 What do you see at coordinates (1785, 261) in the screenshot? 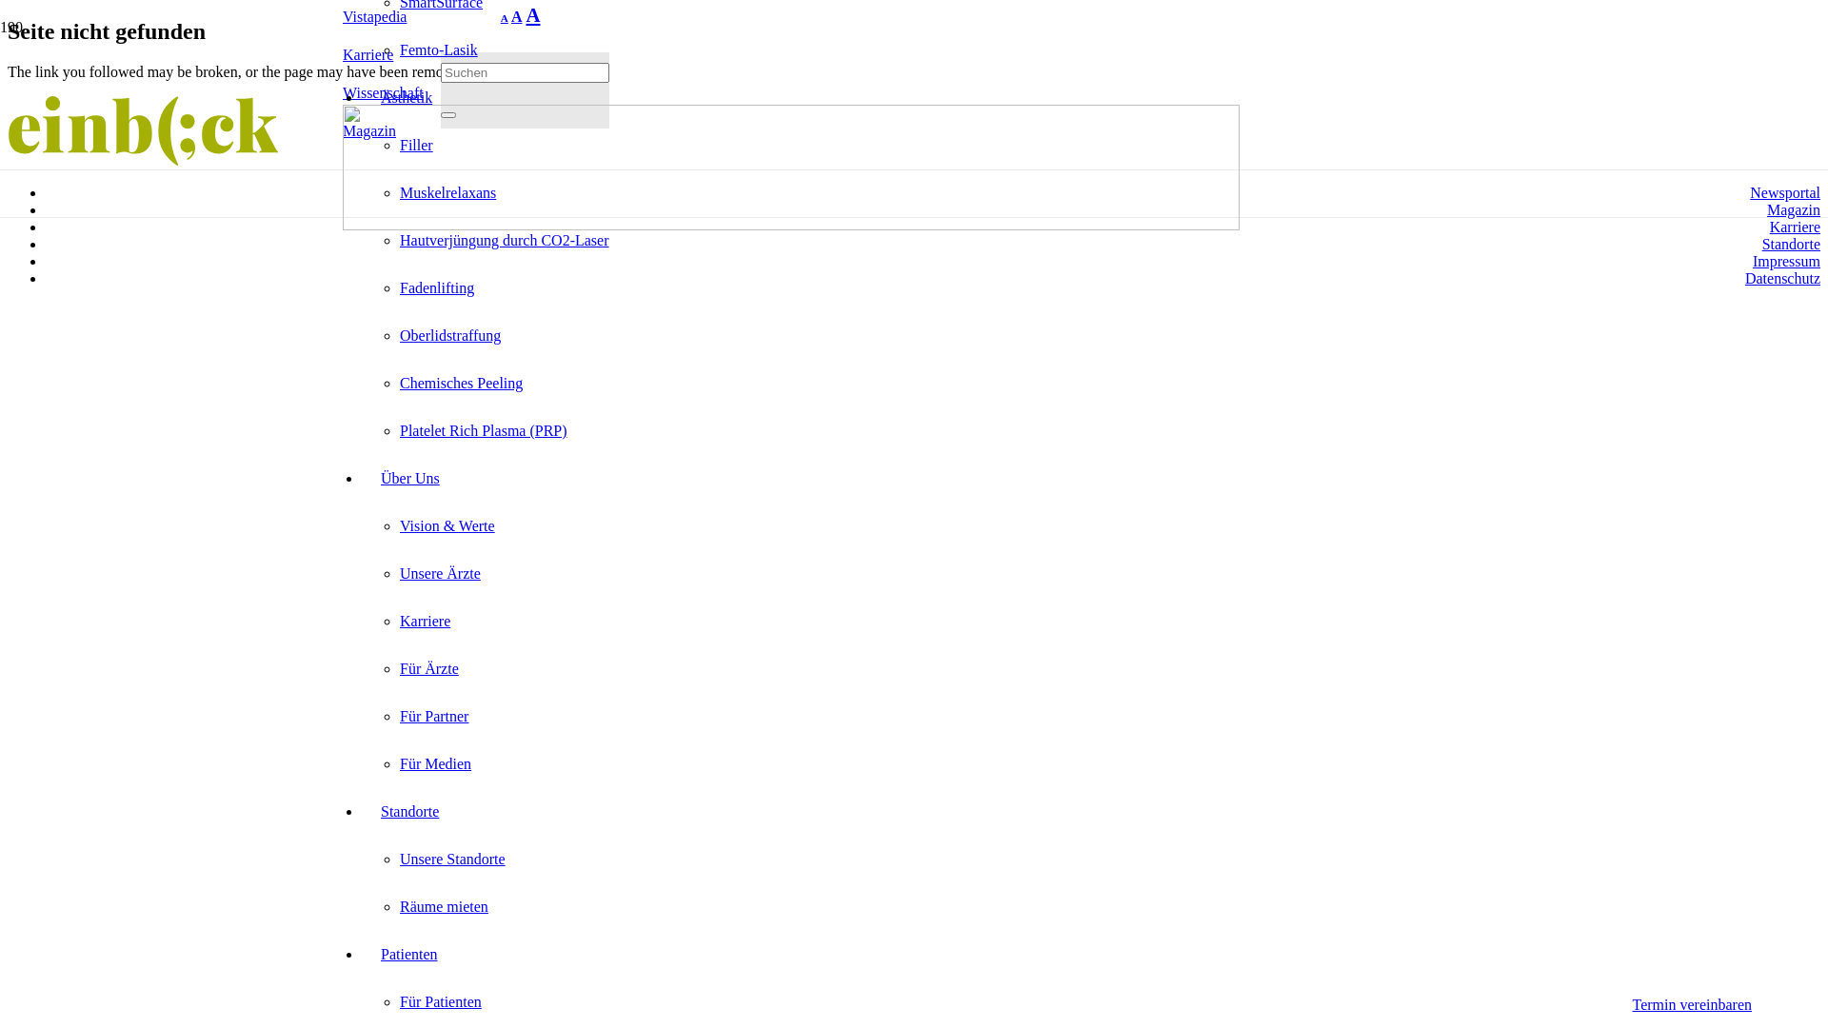
I see `'Impressum'` at bounding box center [1785, 261].